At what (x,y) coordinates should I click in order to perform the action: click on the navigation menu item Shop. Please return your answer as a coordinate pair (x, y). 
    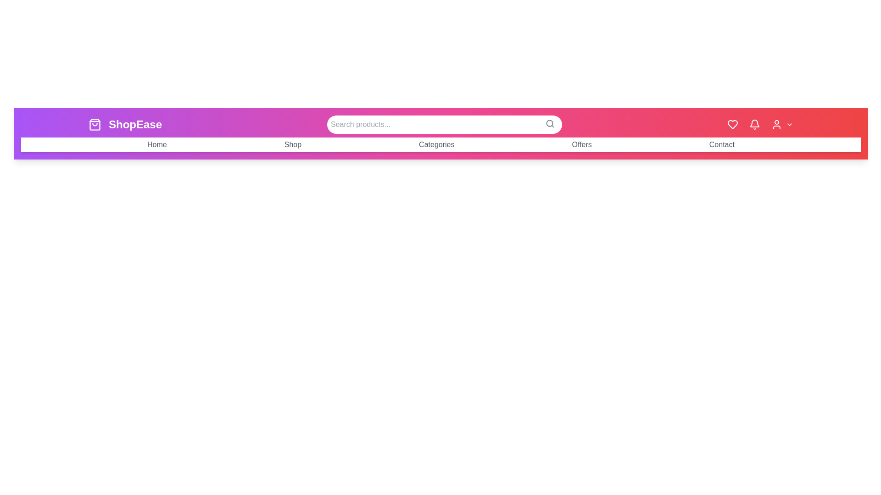
    Looking at the image, I should click on (292, 144).